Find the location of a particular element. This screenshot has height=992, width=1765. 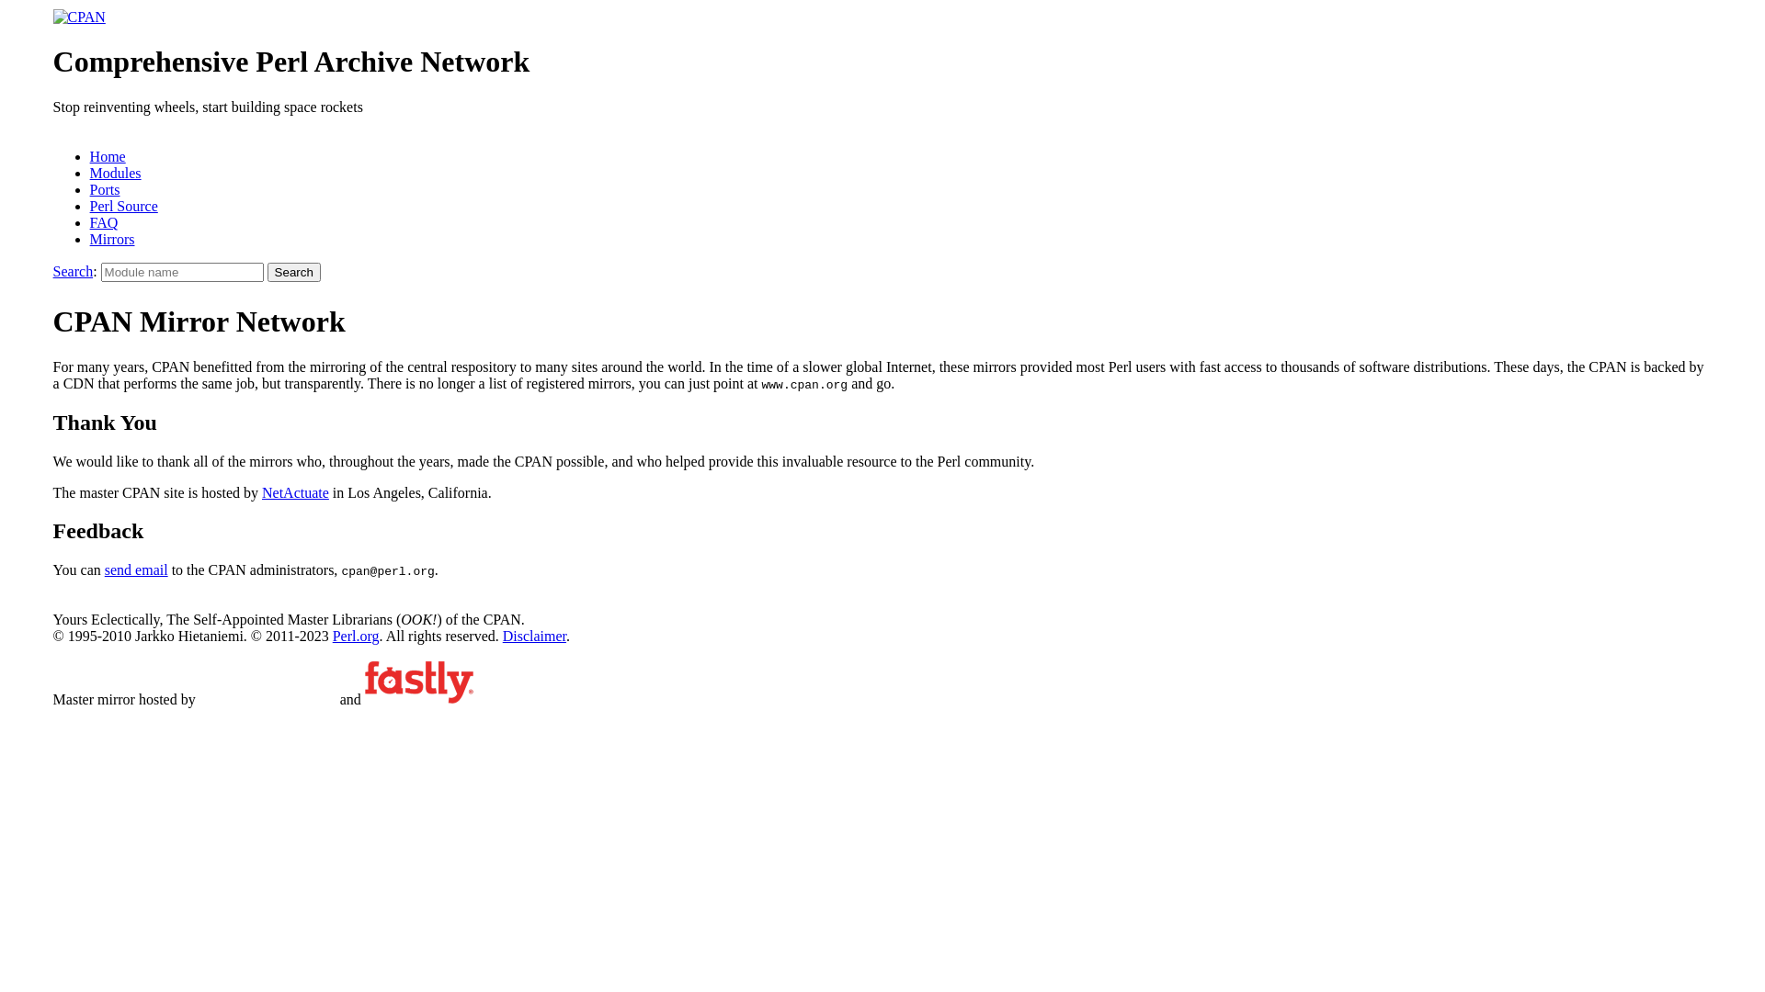

'NetActuate' is located at coordinates (295, 491).